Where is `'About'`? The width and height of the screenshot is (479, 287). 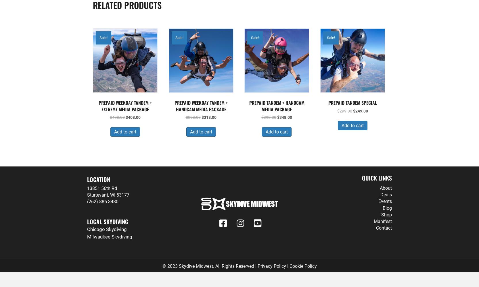 'About' is located at coordinates (380, 188).